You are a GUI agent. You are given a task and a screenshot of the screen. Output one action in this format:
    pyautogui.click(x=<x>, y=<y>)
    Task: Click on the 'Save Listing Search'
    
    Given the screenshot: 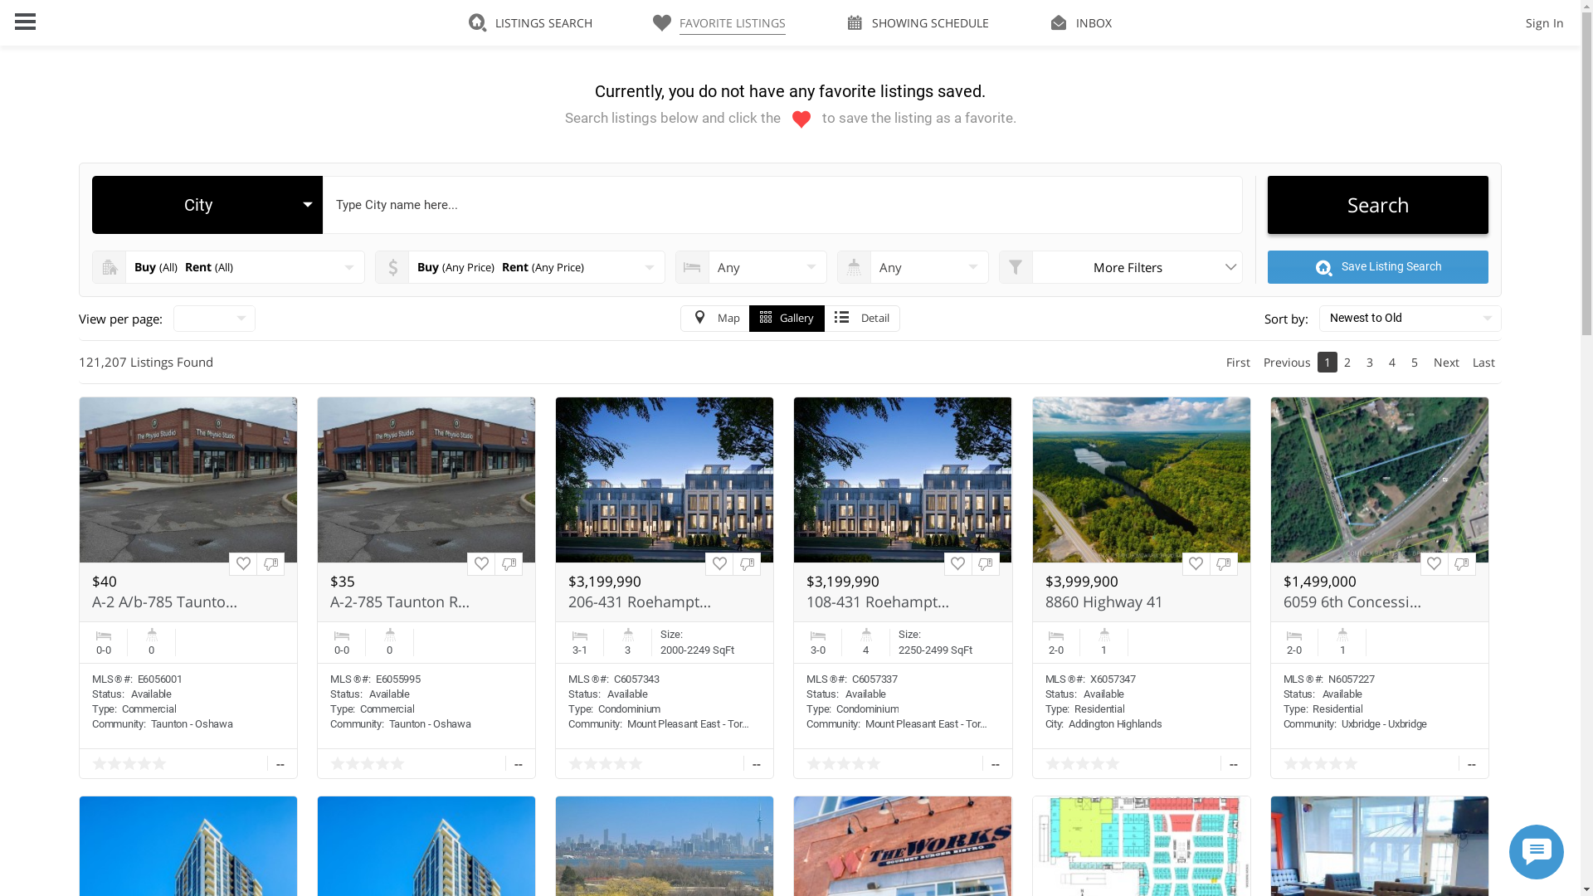 What is the action you would take?
    pyautogui.click(x=1266, y=265)
    